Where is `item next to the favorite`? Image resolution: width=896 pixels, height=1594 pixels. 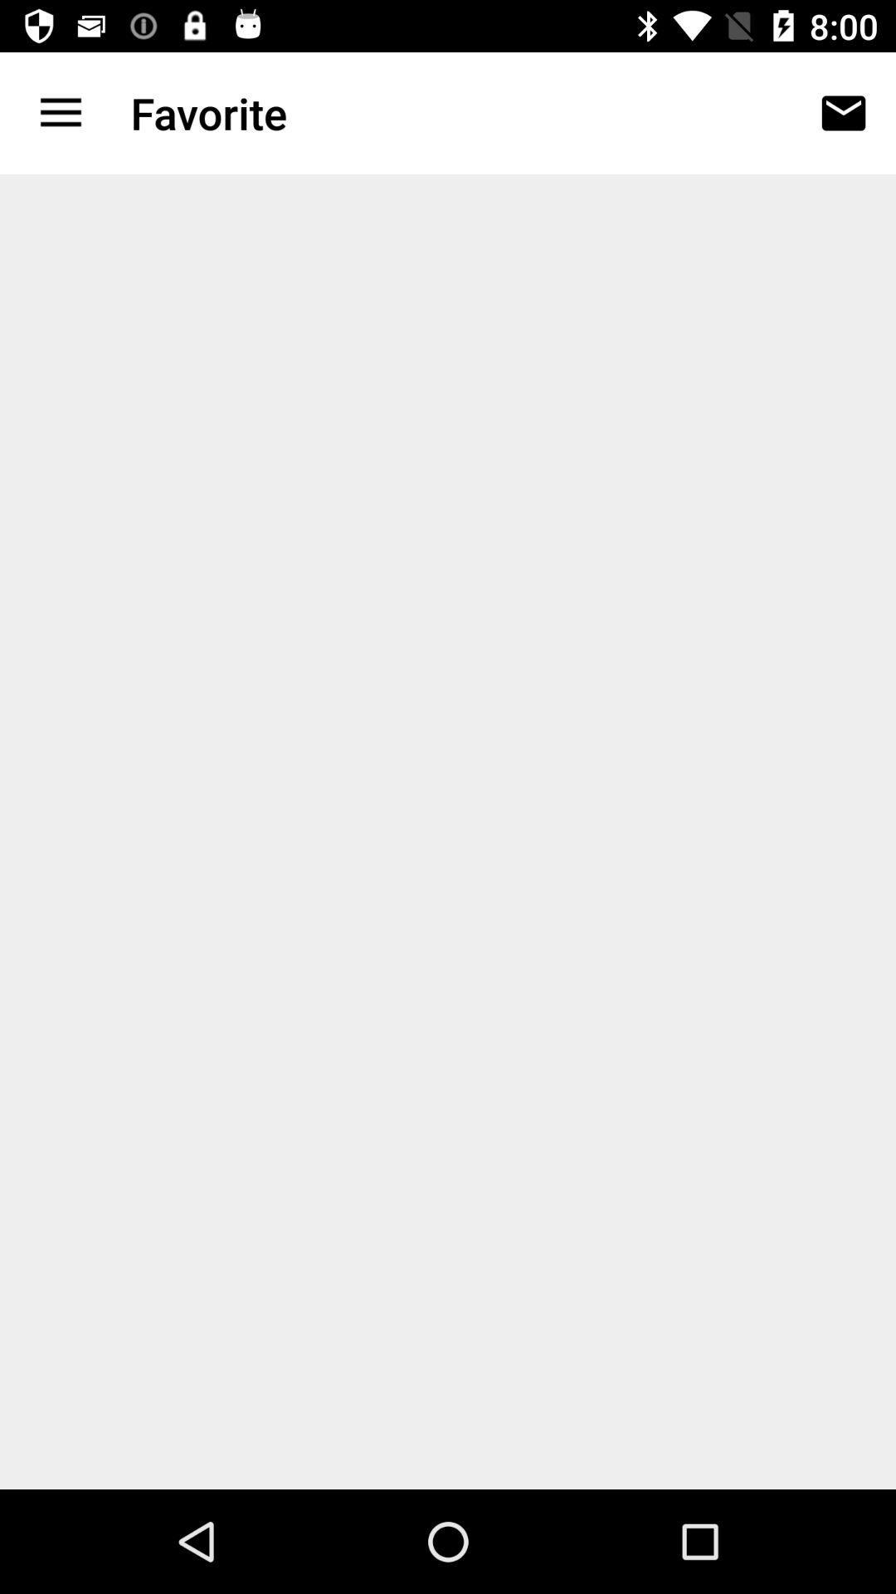 item next to the favorite is located at coordinates (60, 112).